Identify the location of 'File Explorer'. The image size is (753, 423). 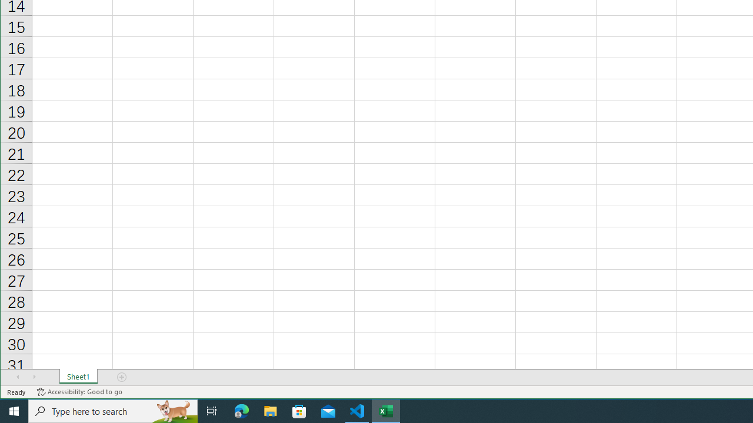
(270, 410).